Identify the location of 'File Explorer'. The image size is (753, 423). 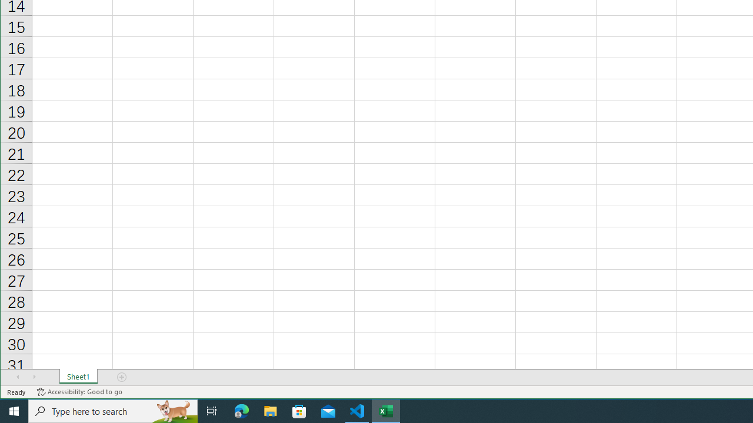
(270, 410).